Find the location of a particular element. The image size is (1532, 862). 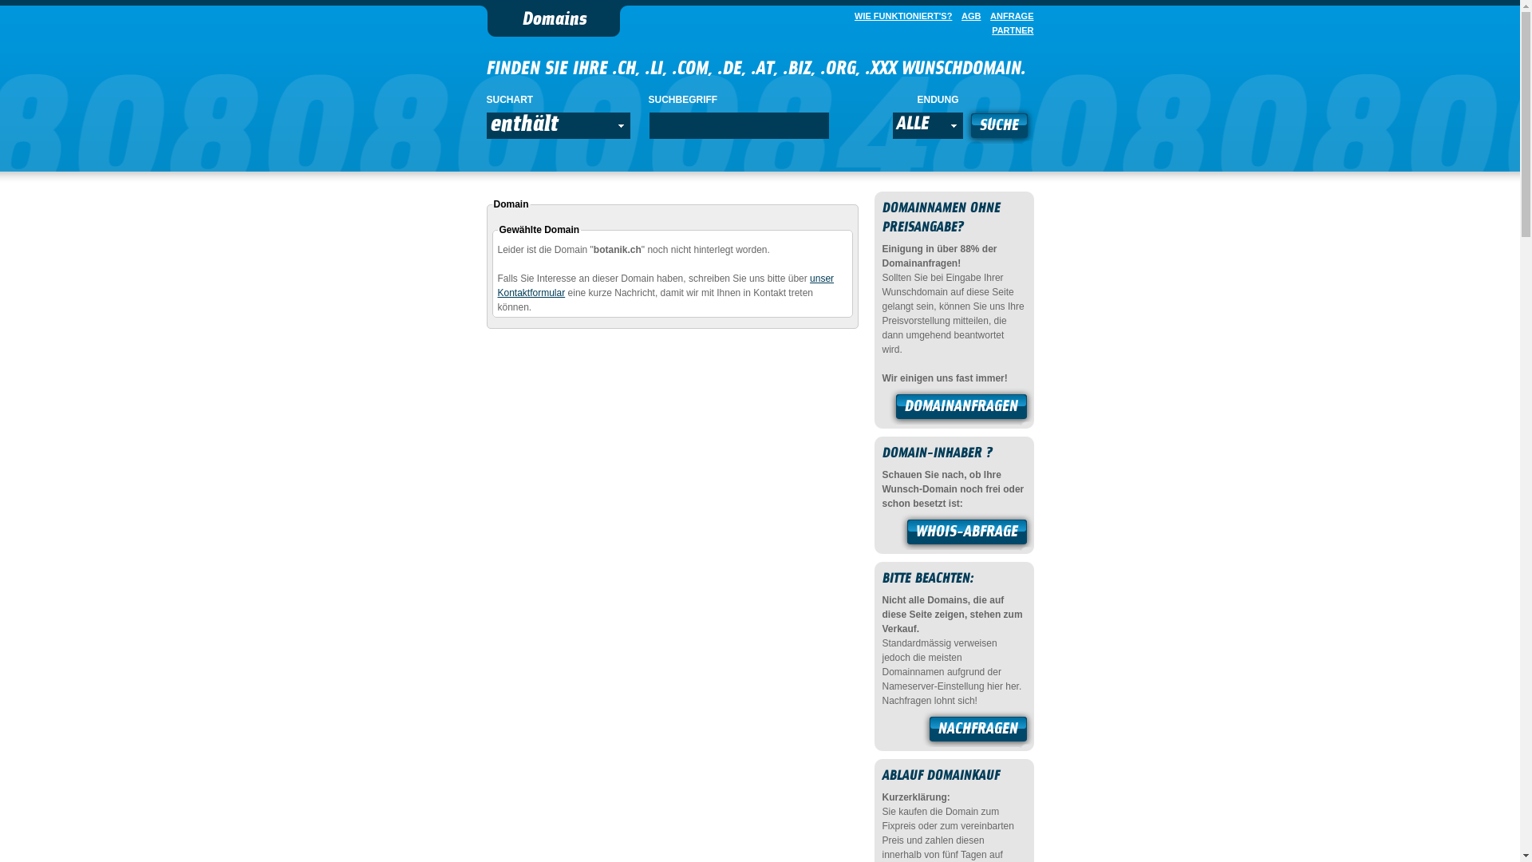

'AGB' is located at coordinates (967, 15).